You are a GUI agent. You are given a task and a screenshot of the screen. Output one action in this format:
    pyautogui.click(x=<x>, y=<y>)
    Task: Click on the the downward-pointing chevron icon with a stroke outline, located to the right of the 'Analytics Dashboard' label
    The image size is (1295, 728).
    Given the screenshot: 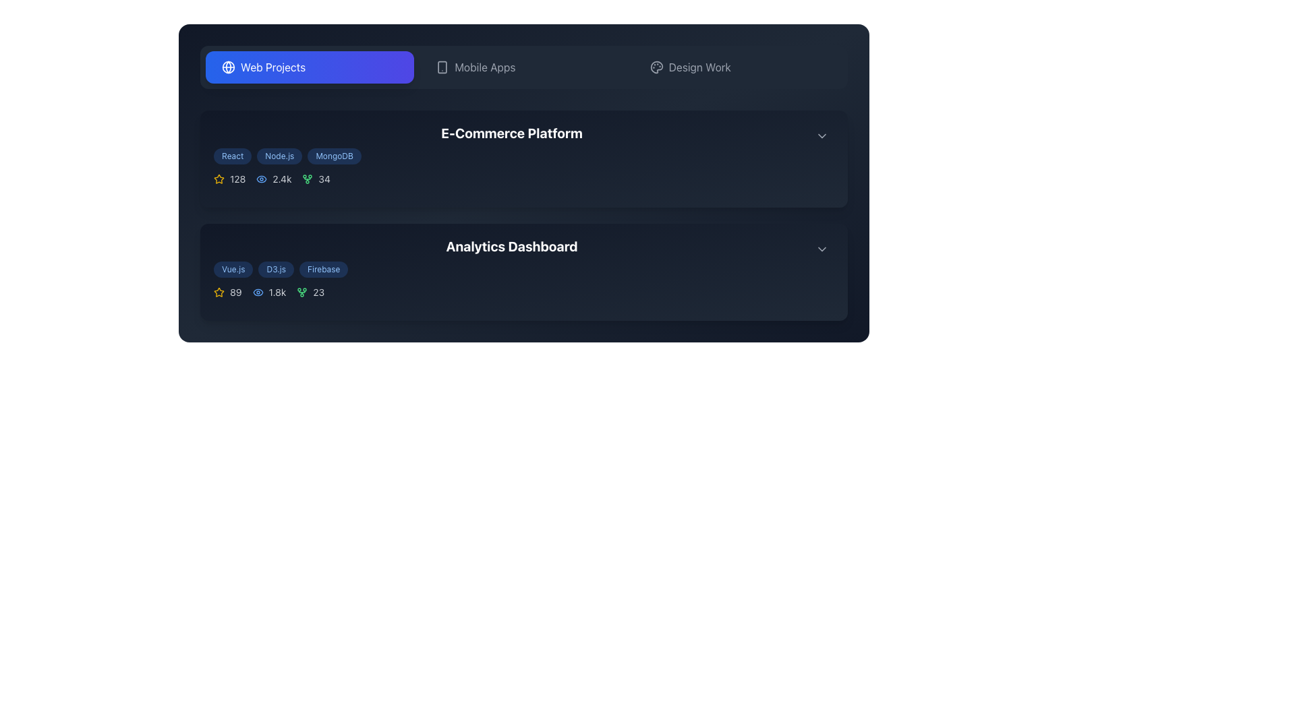 What is the action you would take?
    pyautogui.click(x=822, y=249)
    